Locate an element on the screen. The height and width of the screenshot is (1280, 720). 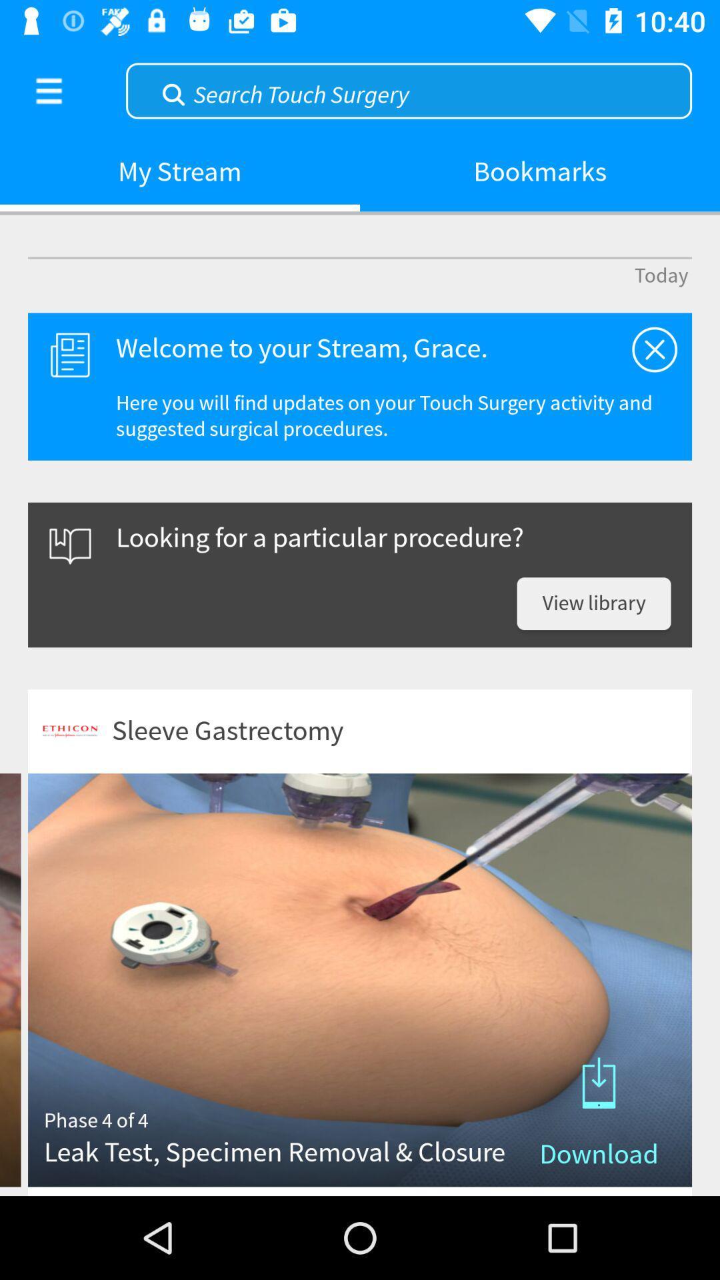
this is a medical surgery is located at coordinates (654, 349).